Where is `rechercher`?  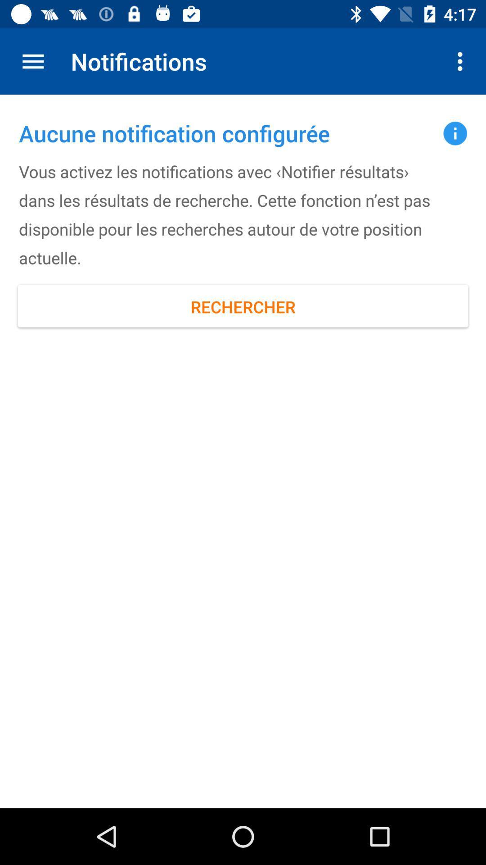 rechercher is located at coordinates (243, 307).